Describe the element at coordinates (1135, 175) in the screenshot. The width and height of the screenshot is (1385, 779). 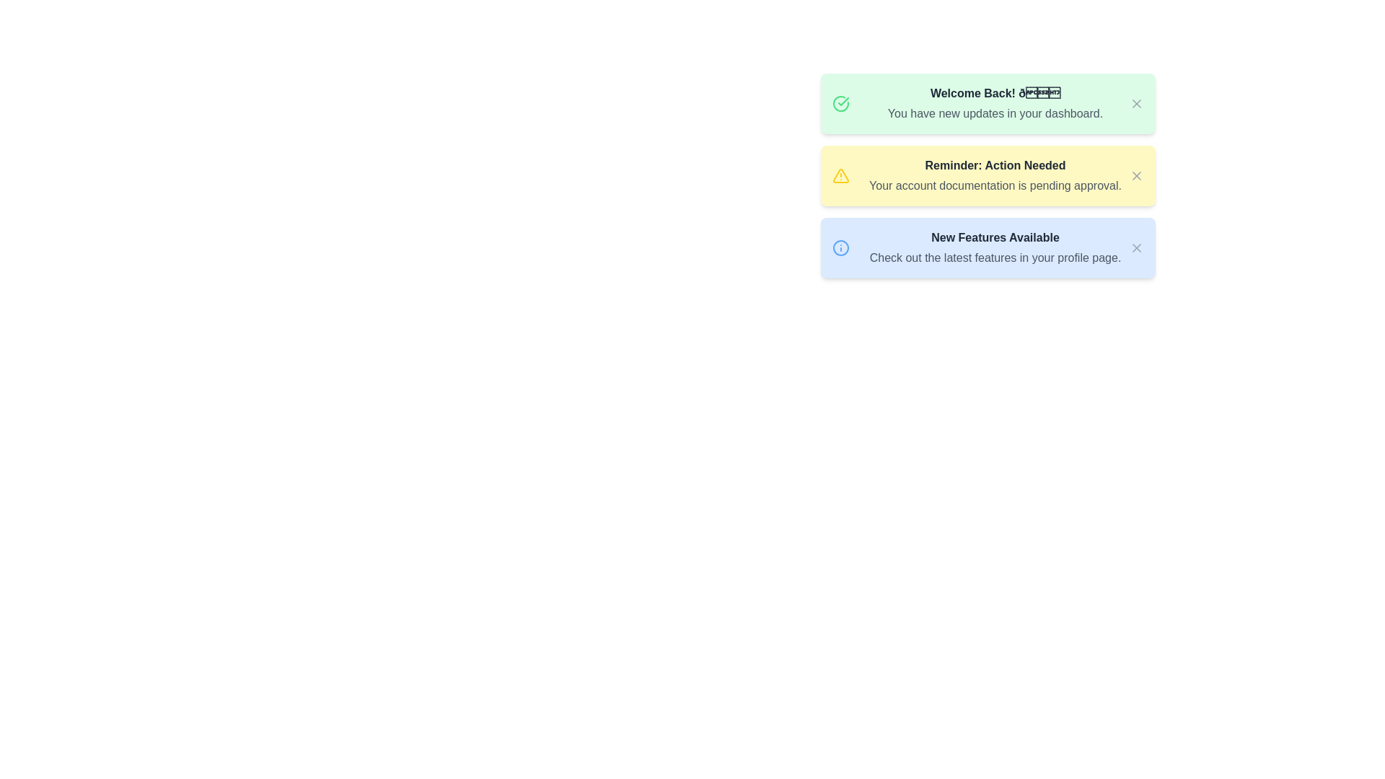
I see `the close icon resembling a small 'X' in the top-right corner of the yellow notification card titled 'Reminder: Action Needed'` at that location.